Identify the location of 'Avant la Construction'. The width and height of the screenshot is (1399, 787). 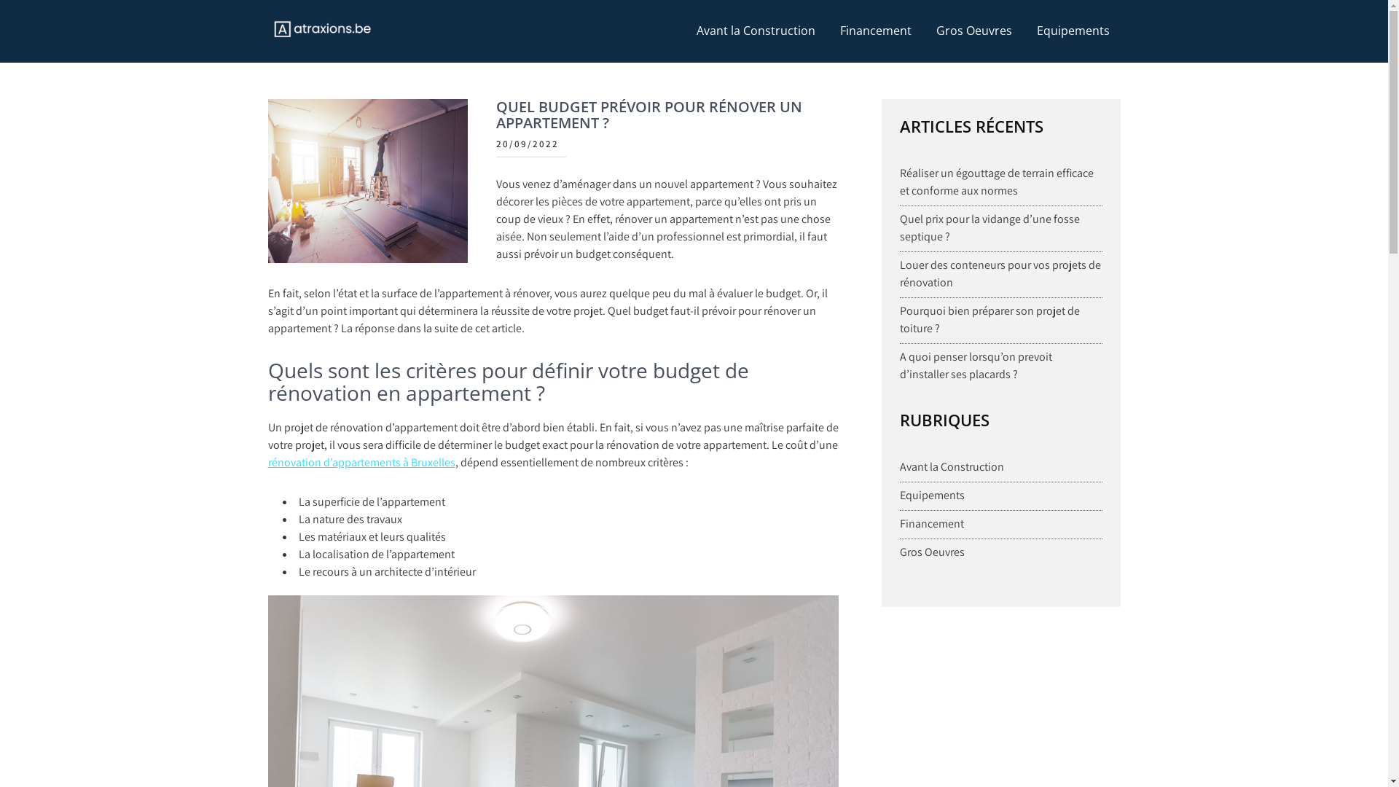
(952, 466).